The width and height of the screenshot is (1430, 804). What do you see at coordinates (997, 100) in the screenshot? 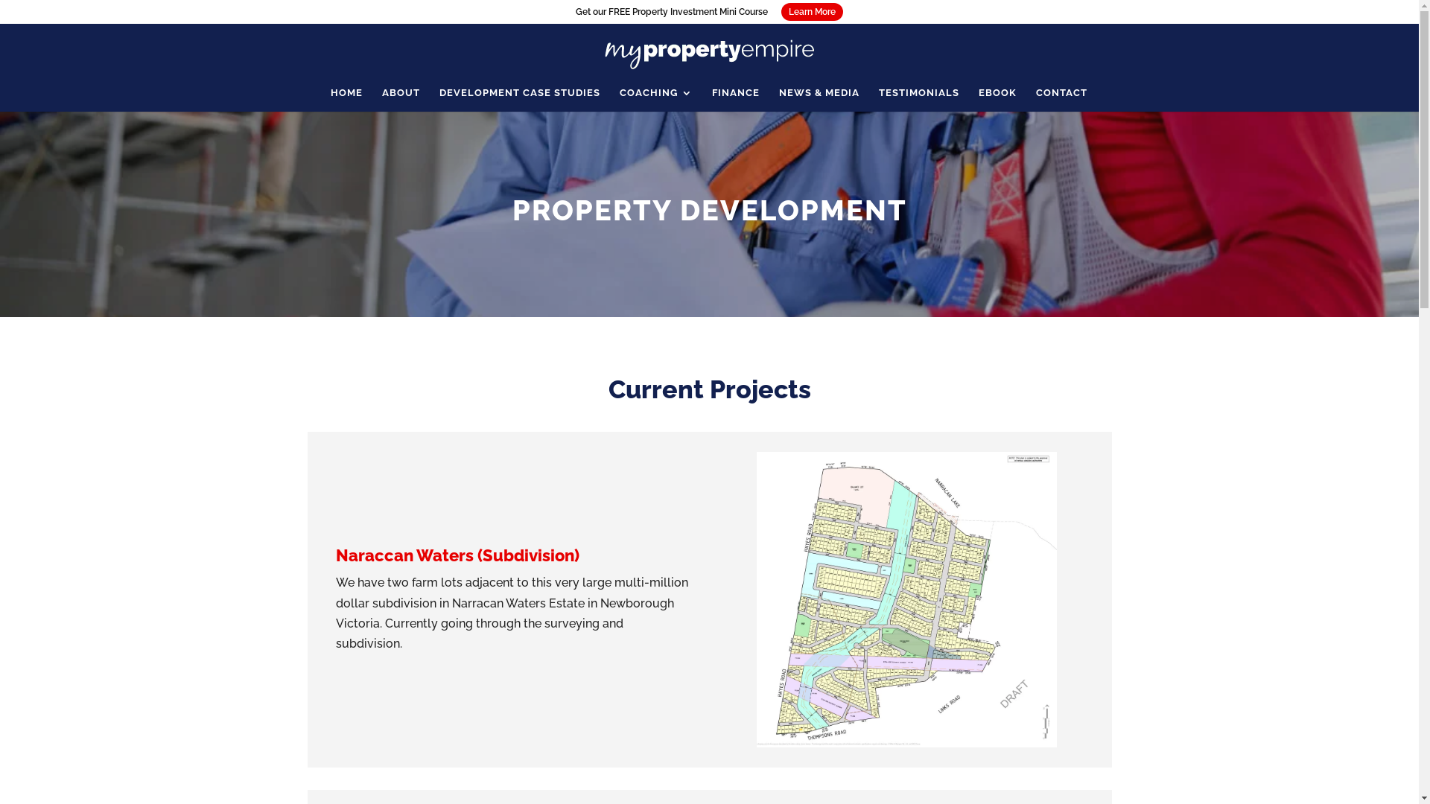
I see `'EBOOK'` at bounding box center [997, 100].